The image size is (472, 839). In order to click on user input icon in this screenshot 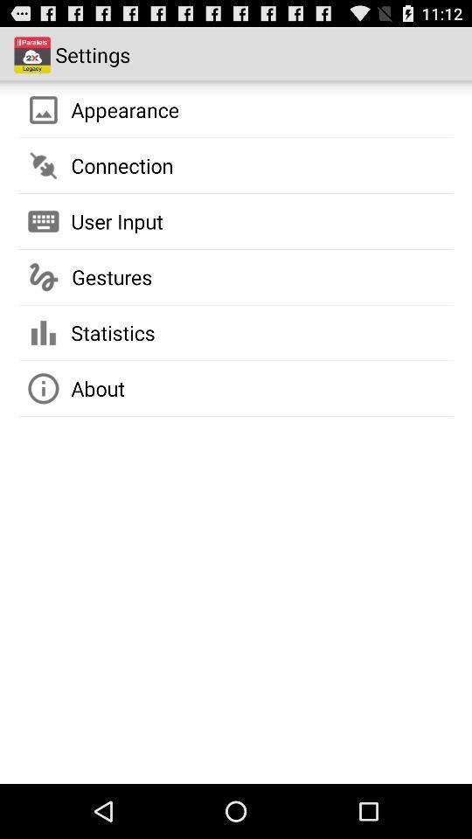, I will do `click(117, 220)`.